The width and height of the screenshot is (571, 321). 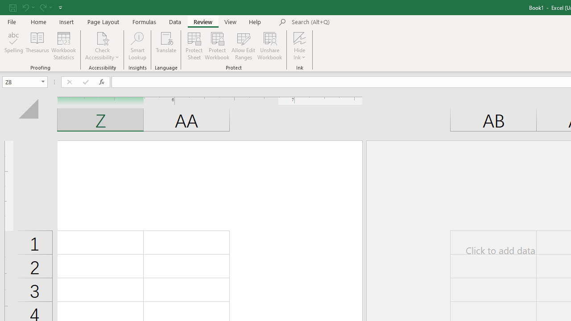 I want to click on 'Translate', so click(x=166, y=46).